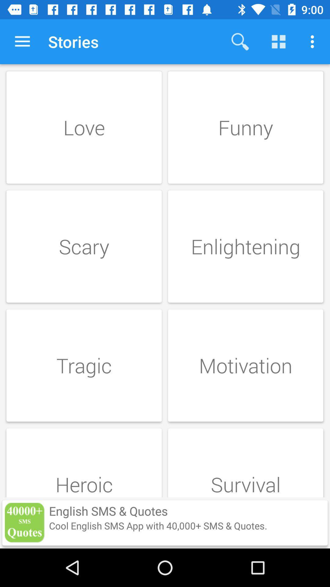 This screenshot has width=330, height=587. Describe the element at coordinates (240, 41) in the screenshot. I see `the item above funny` at that location.